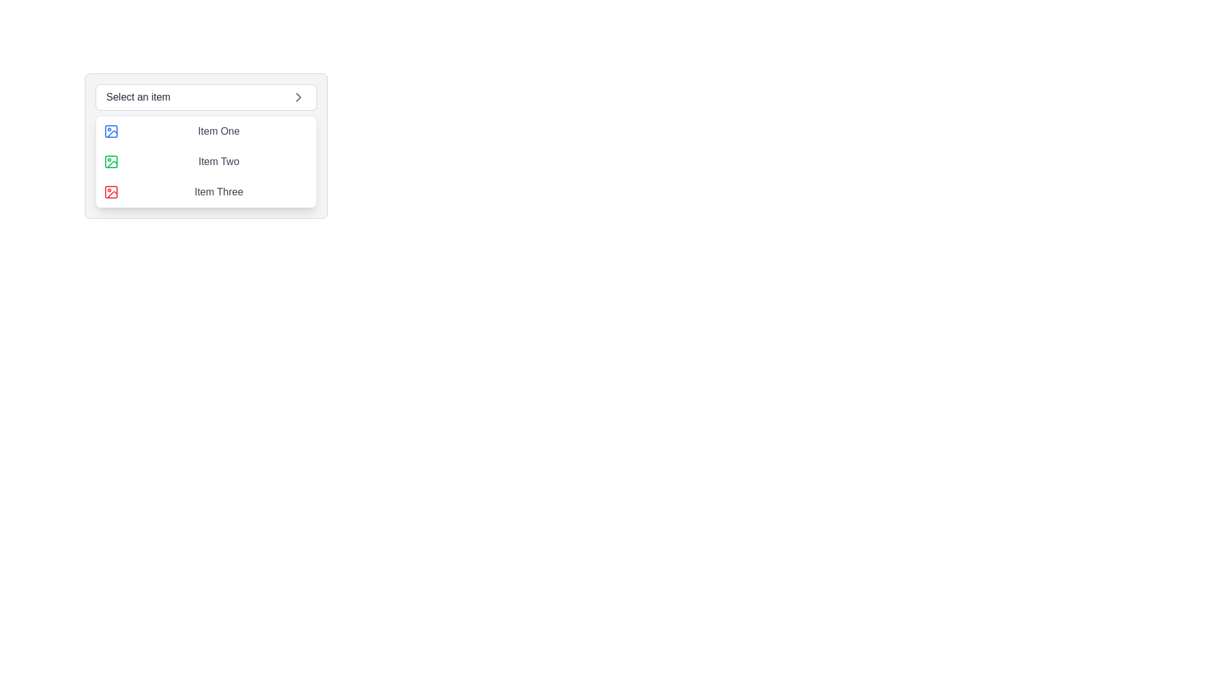 The height and width of the screenshot is (683, 1215). What do you see at coordinates (111, 161) in the screenshot?
I see `the green outlined square with rounded corners that resembles a photograph or image icon, located on the left side of the second item in the dropdown list` at bounding box center [111, 161].